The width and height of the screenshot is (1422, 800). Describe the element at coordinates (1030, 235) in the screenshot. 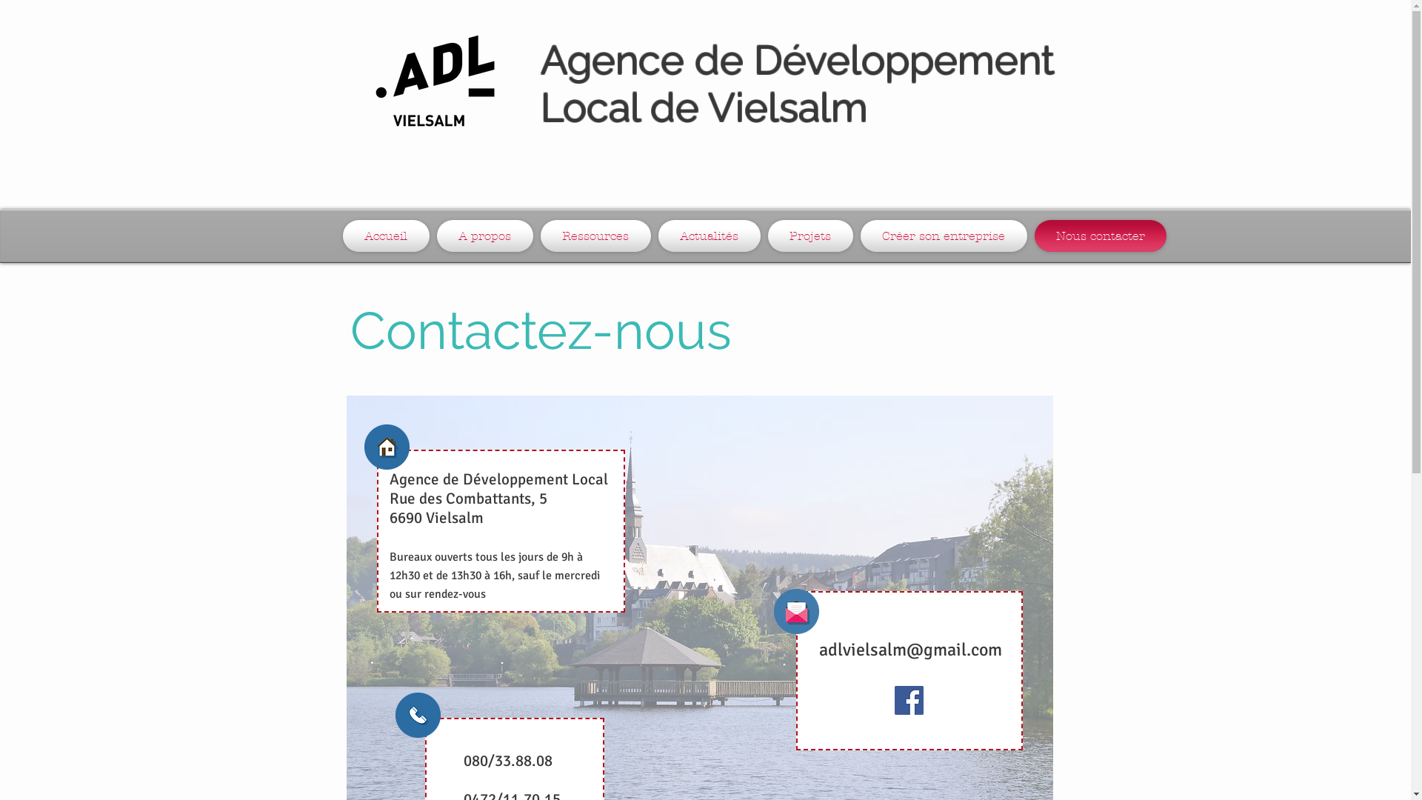

I see `'Nous contacter'` at that location.